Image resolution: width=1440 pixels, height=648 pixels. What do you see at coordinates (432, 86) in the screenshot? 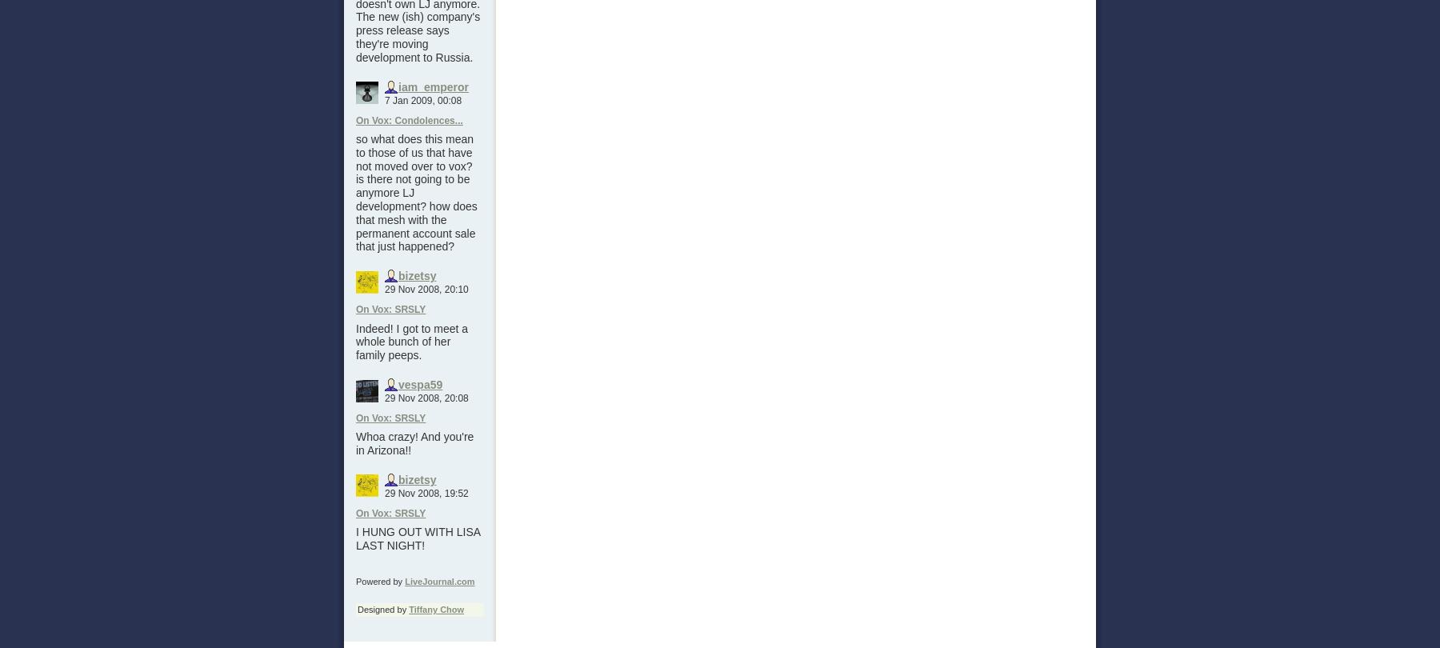
I see `'iam_emperor'` at bounding box center [432, 86].